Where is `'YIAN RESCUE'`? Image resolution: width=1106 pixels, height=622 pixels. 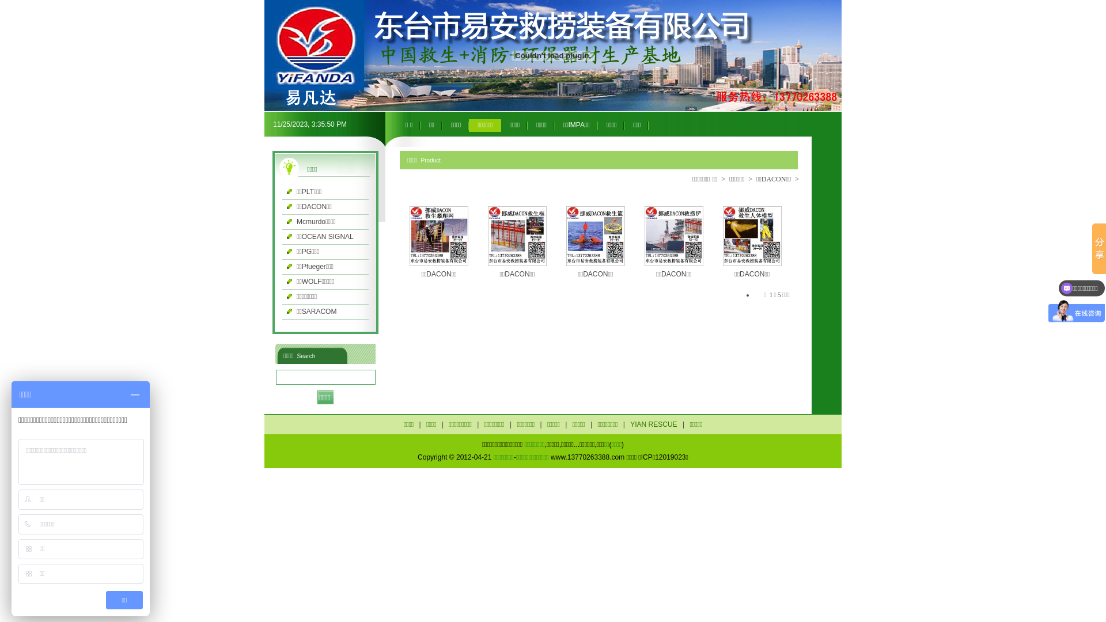 'YIAN RESCUE' is located at coordinates (626, 424).